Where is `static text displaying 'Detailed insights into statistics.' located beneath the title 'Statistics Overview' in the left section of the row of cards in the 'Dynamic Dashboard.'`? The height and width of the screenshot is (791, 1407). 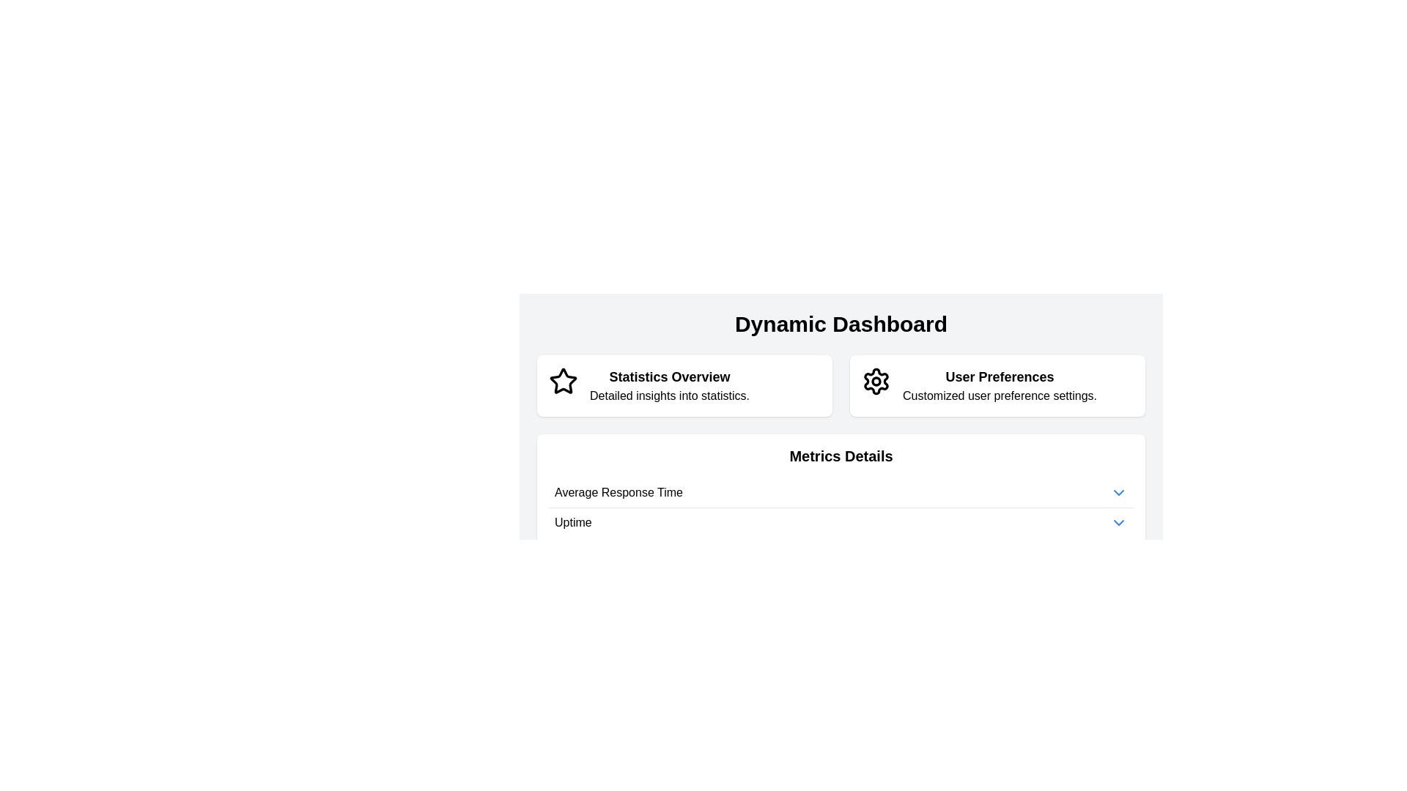 static text displaying 'Detailed insights into statistics.' located beneath the title 'Statistics Overview' in the left section of the row of cards in the 'Dynamic Dashboard.' is located at coordinates (668, 395).